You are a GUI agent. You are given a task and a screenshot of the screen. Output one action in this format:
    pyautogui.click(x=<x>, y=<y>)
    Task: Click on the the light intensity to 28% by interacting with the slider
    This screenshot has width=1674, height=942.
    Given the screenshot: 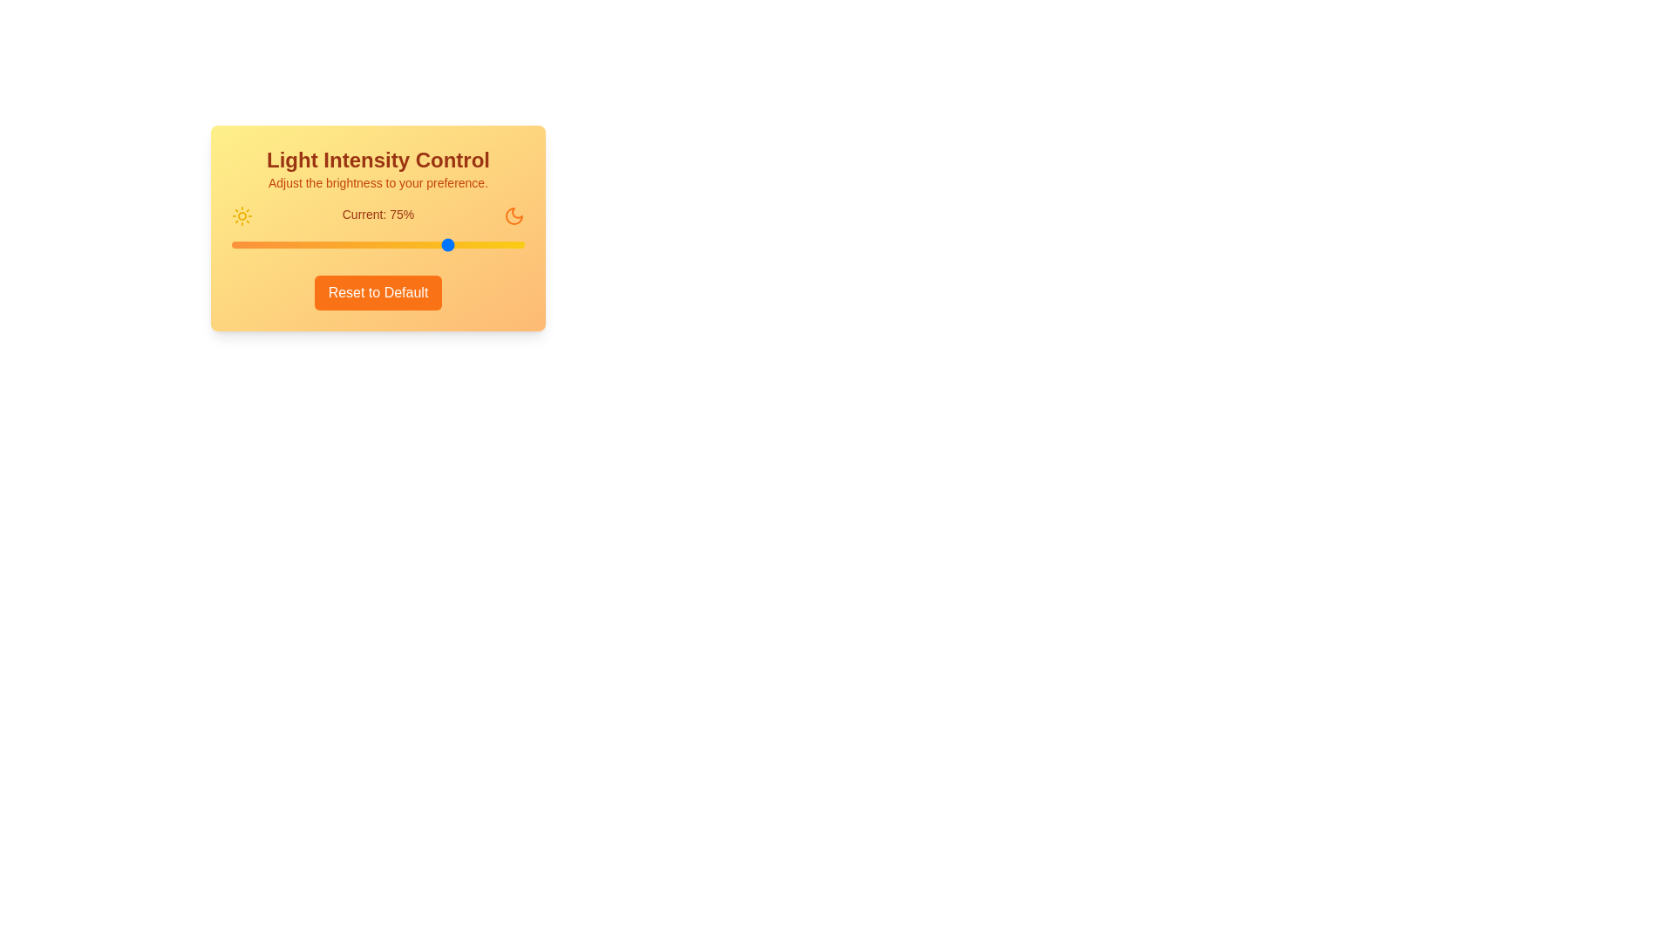 What is the action you would take?
    pyautogui.click(x=314, y=245)
    